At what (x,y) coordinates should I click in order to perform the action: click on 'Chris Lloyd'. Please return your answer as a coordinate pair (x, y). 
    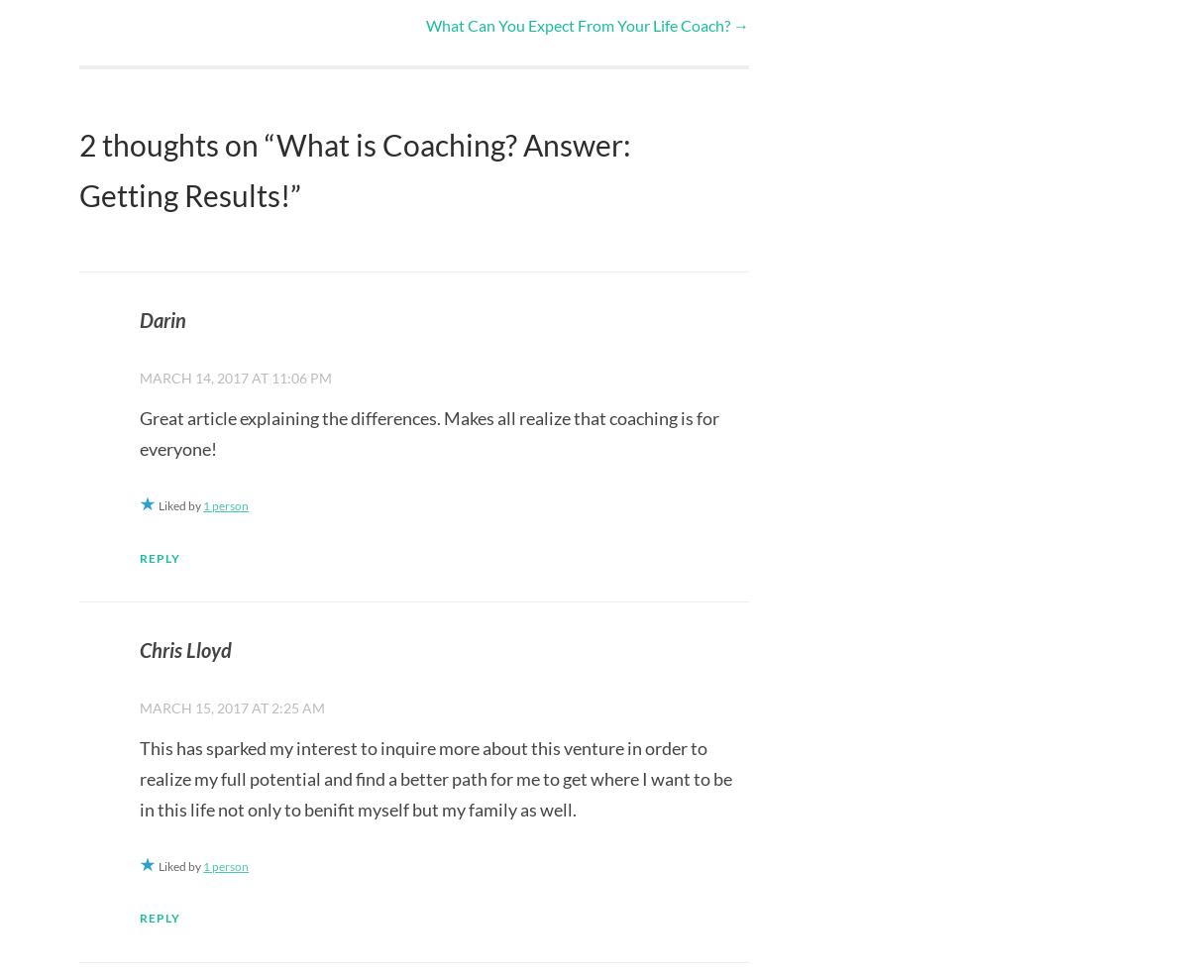
    Looking at the image, I should click on (184, 649).